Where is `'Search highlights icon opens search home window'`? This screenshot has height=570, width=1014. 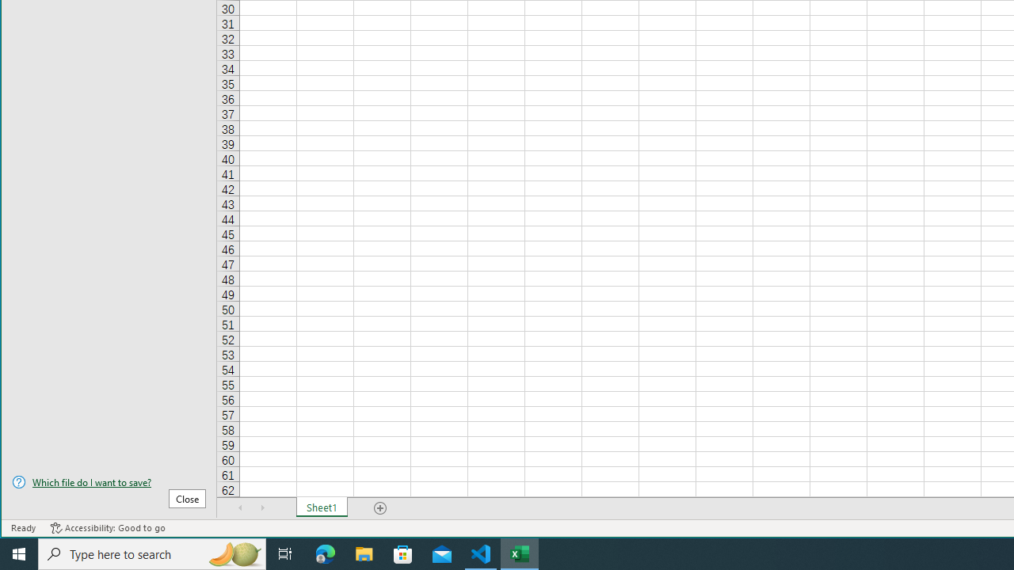 'Search highlights icon opens search home window' is located at coordinates (233, 553).